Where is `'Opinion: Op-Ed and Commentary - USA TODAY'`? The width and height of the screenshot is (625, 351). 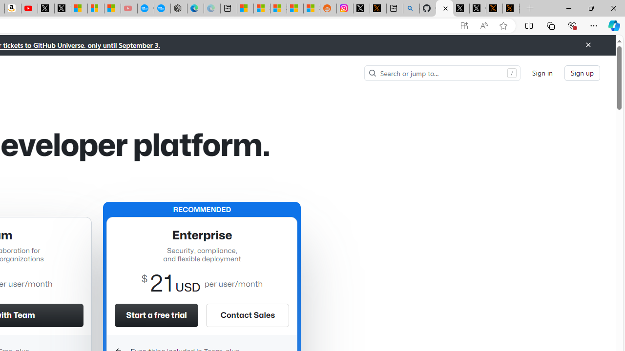 'Opinion: Op-Ed and Commentary - USA TODAY' is located at coordinates (145, 8).